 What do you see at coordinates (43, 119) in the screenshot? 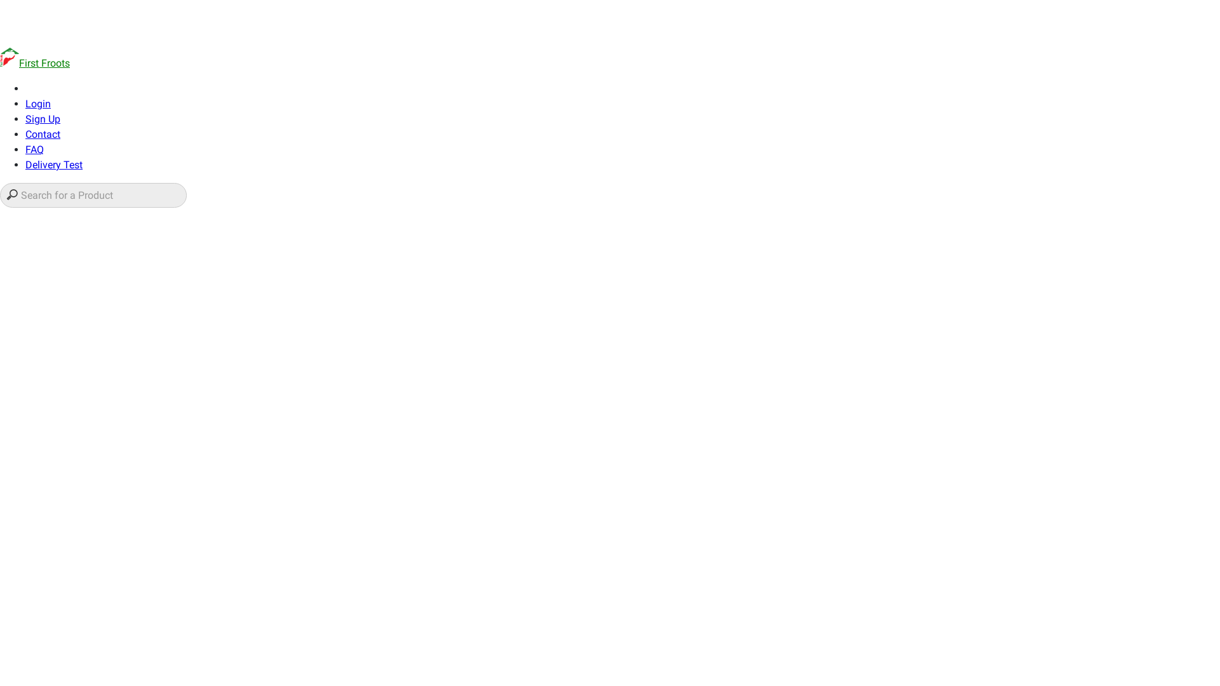
I see `'Sign Up'` at bounding box center [43, 119].